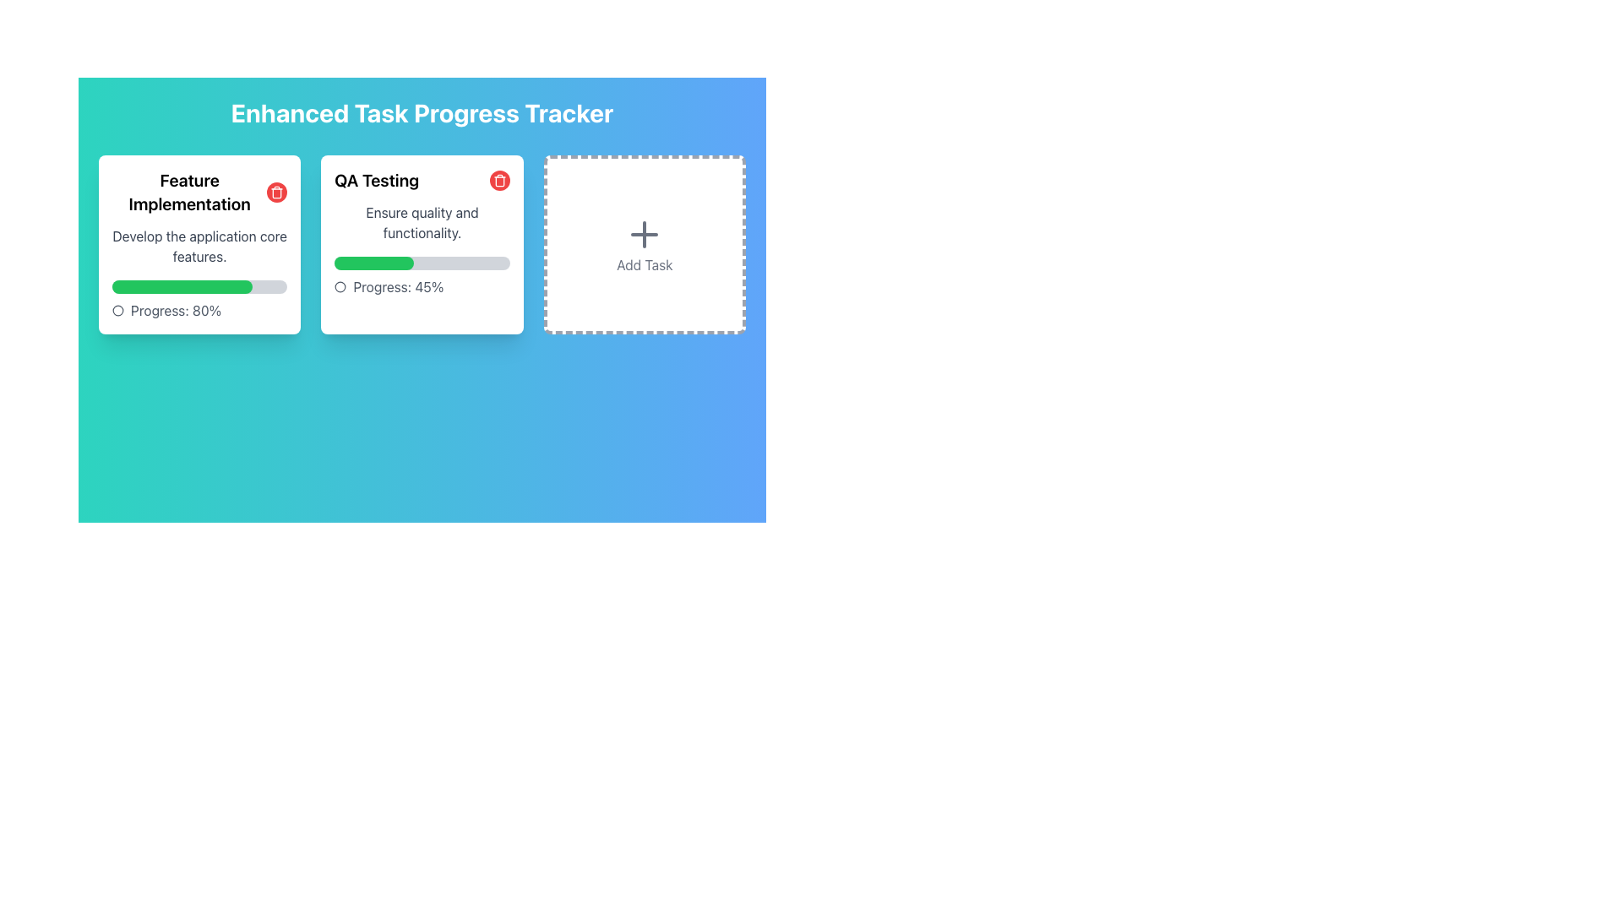 The width and height of the screenshot is (1622, 912). What do you see at coordinates (422, 221) in the screenshot?
I see `the text element that says 'Ensure quality and functionality.' located in the QA Testing card in the task list interface` at bounding box center [422, 221].